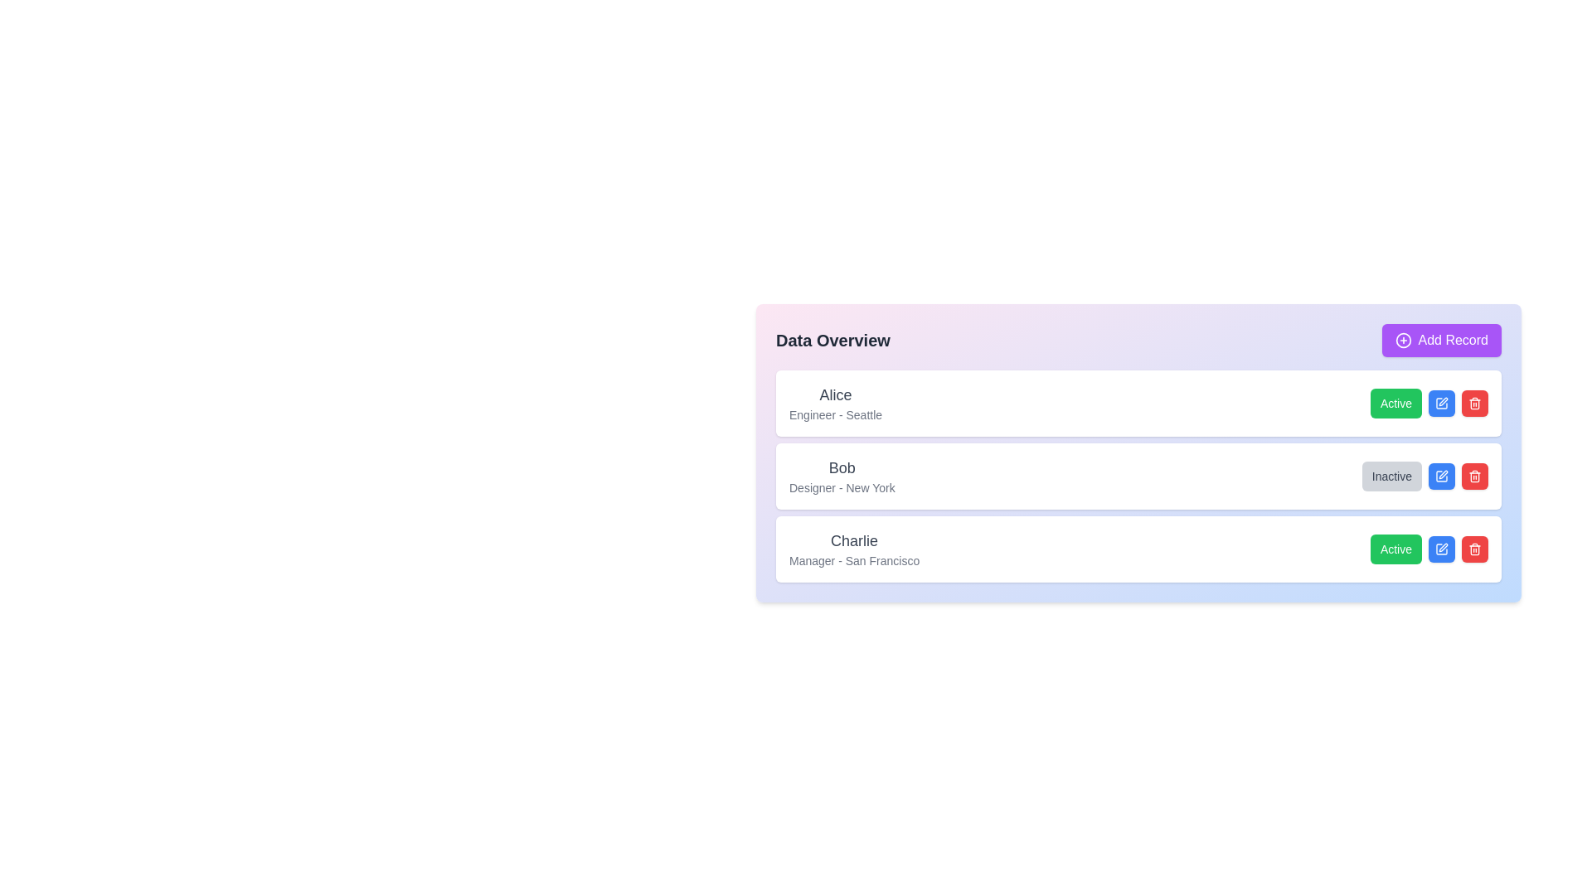  Describe the element at coordinates (1440, 476) in the screenshot. I see `the blue square pen icon button located to the right of the 'Inactive' status label in the 'Data Overview' section` at that location.